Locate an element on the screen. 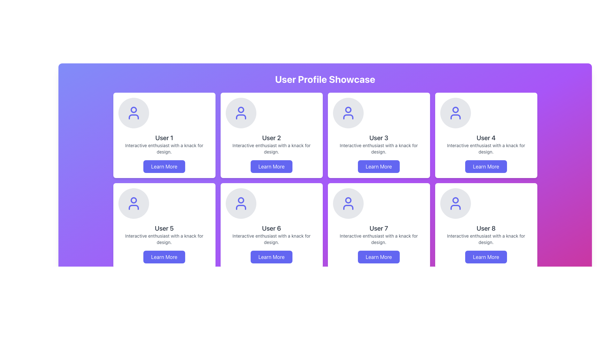 The width and height of the screenshot is (613, 344). the text element that provides a description or tagline related to the user in the eighth profile card, located below 'User 8' and above the 'Learn More' button is located at coordinates (486, 239).